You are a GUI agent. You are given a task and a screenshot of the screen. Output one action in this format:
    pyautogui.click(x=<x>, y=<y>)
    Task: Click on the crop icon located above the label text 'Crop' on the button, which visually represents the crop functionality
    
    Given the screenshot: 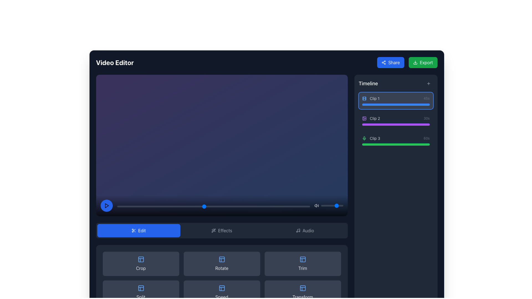 What is the action you would take?
    pyautogui.click(x=141, y=259)
    